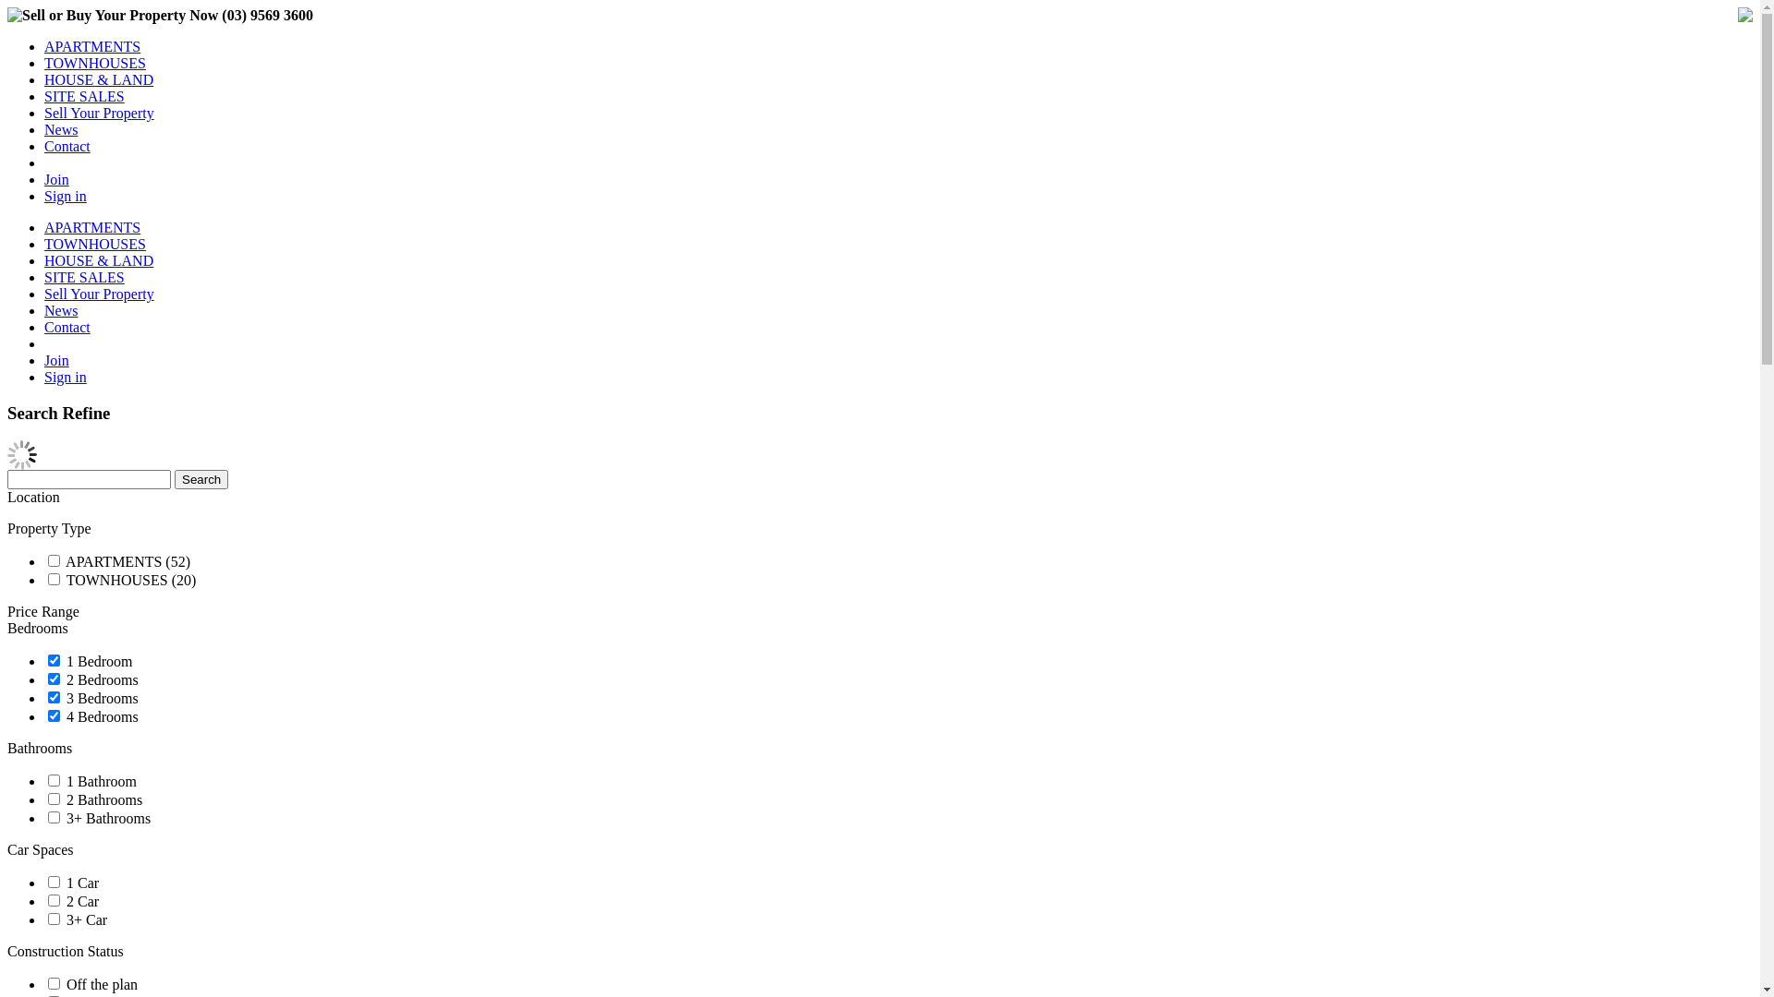 This screenshot has height=997, width=1774. I want to click on 'Sign in', so click(66, 376).